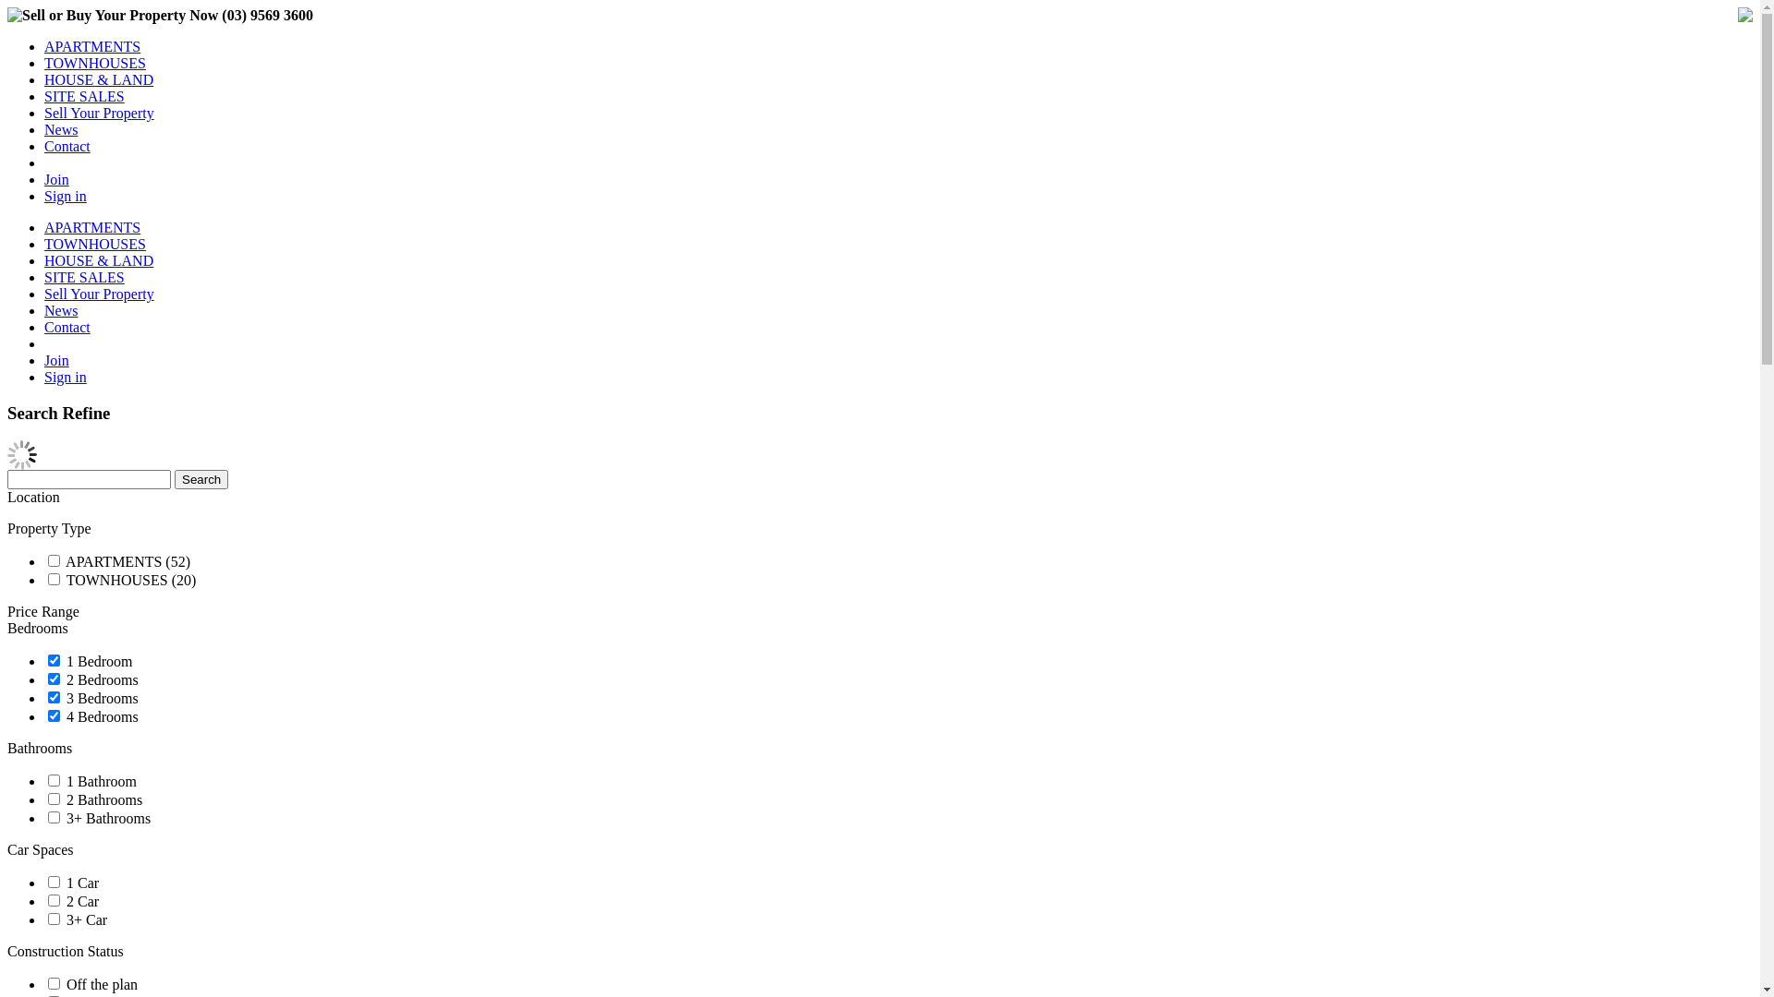 This screenshot has height=997, width=1774. I want to click on 'Sign in', so click(66, 376).